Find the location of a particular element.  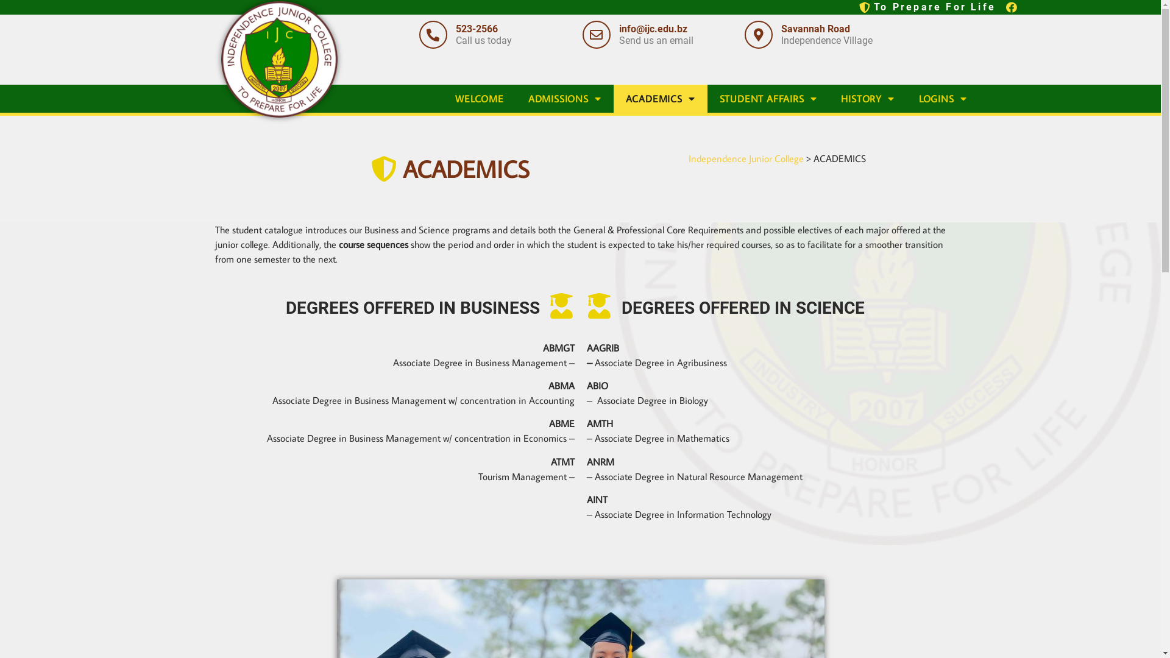

'LOGINS' is located at coordinates (907, 98).